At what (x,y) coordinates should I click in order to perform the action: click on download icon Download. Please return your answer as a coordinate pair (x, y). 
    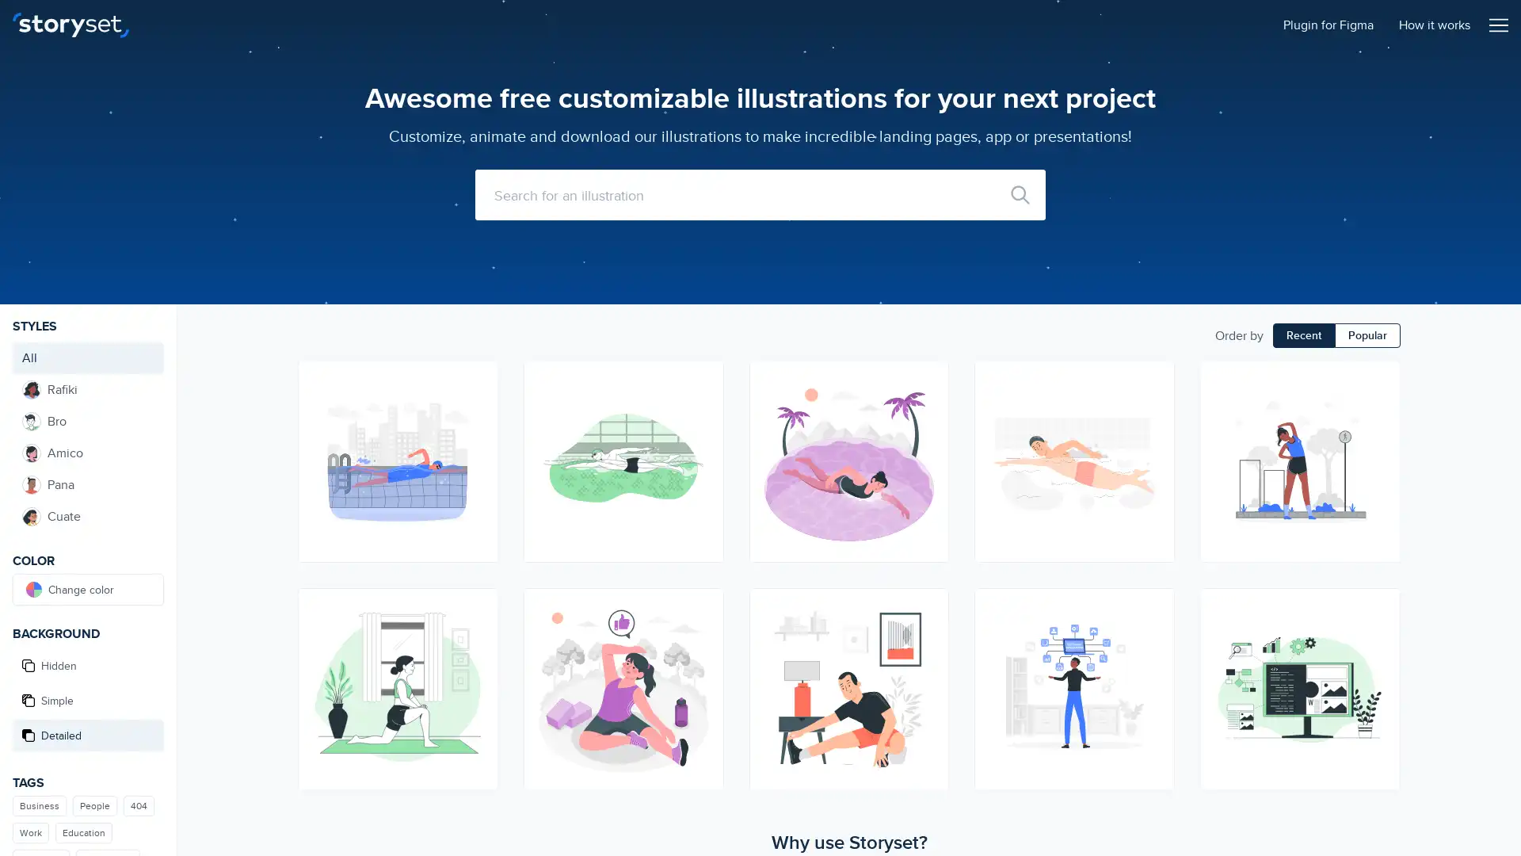
    Looking at the image, I should click on (1379, 408).